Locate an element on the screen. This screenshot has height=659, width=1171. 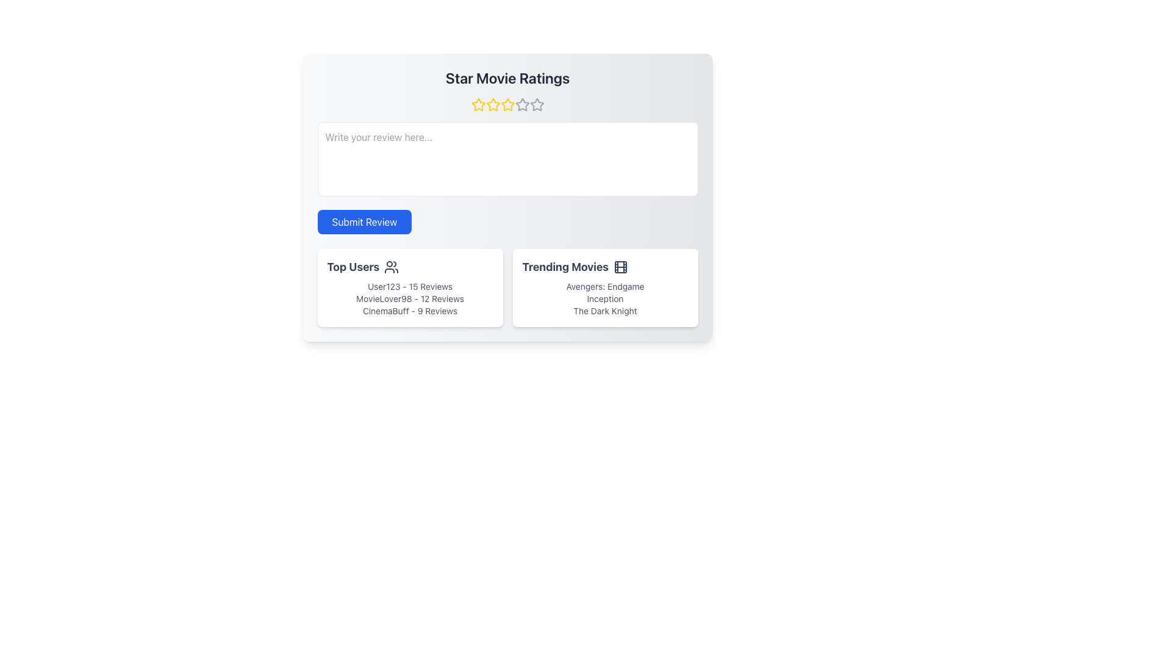
the second star icon in the star rating section to rate the item with two stars is located at coordinates (507, 104).